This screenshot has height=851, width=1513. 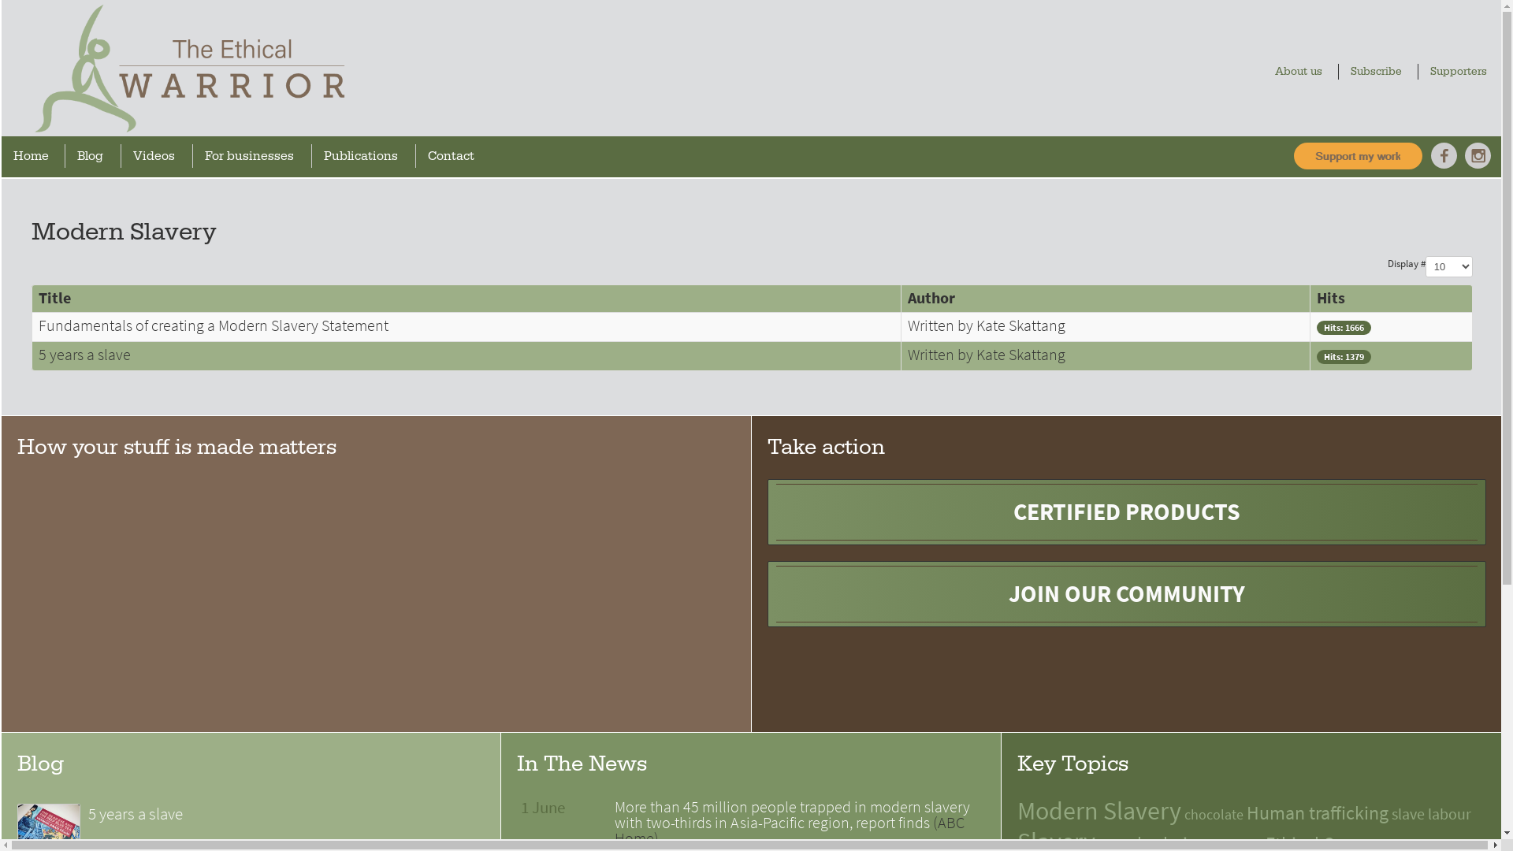 I want to click on 'About us', so click(x=1302, y=72).